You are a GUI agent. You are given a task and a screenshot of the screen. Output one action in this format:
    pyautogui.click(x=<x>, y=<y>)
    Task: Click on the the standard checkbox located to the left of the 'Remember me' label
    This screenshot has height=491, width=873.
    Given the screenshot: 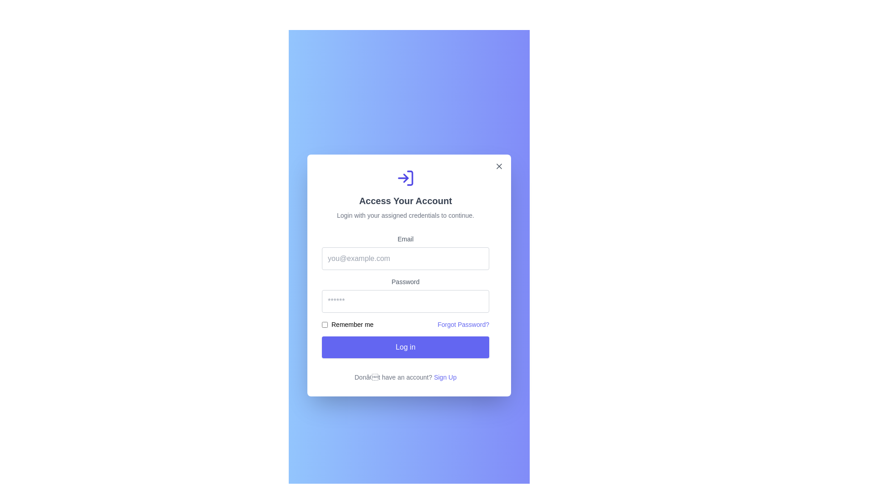 What is the action you would take?
    pyautogui.click(x=325, y=324)
    